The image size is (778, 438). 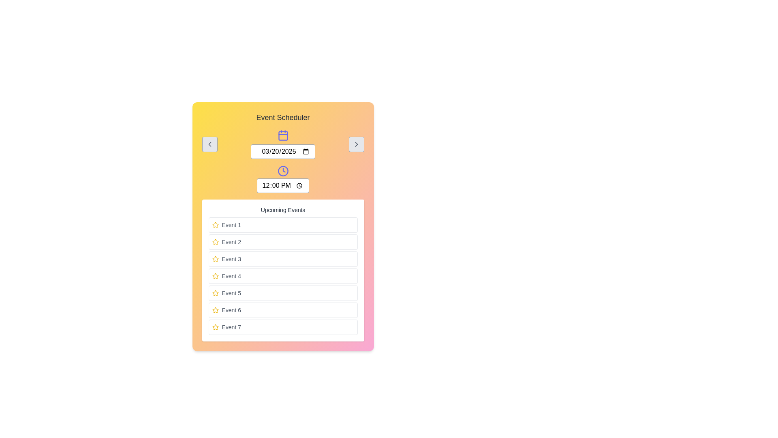 I want to click on the yellow star icon located to the far left of the seventh item in the 'Upcoming Events' list, so click(x=215, y=326).